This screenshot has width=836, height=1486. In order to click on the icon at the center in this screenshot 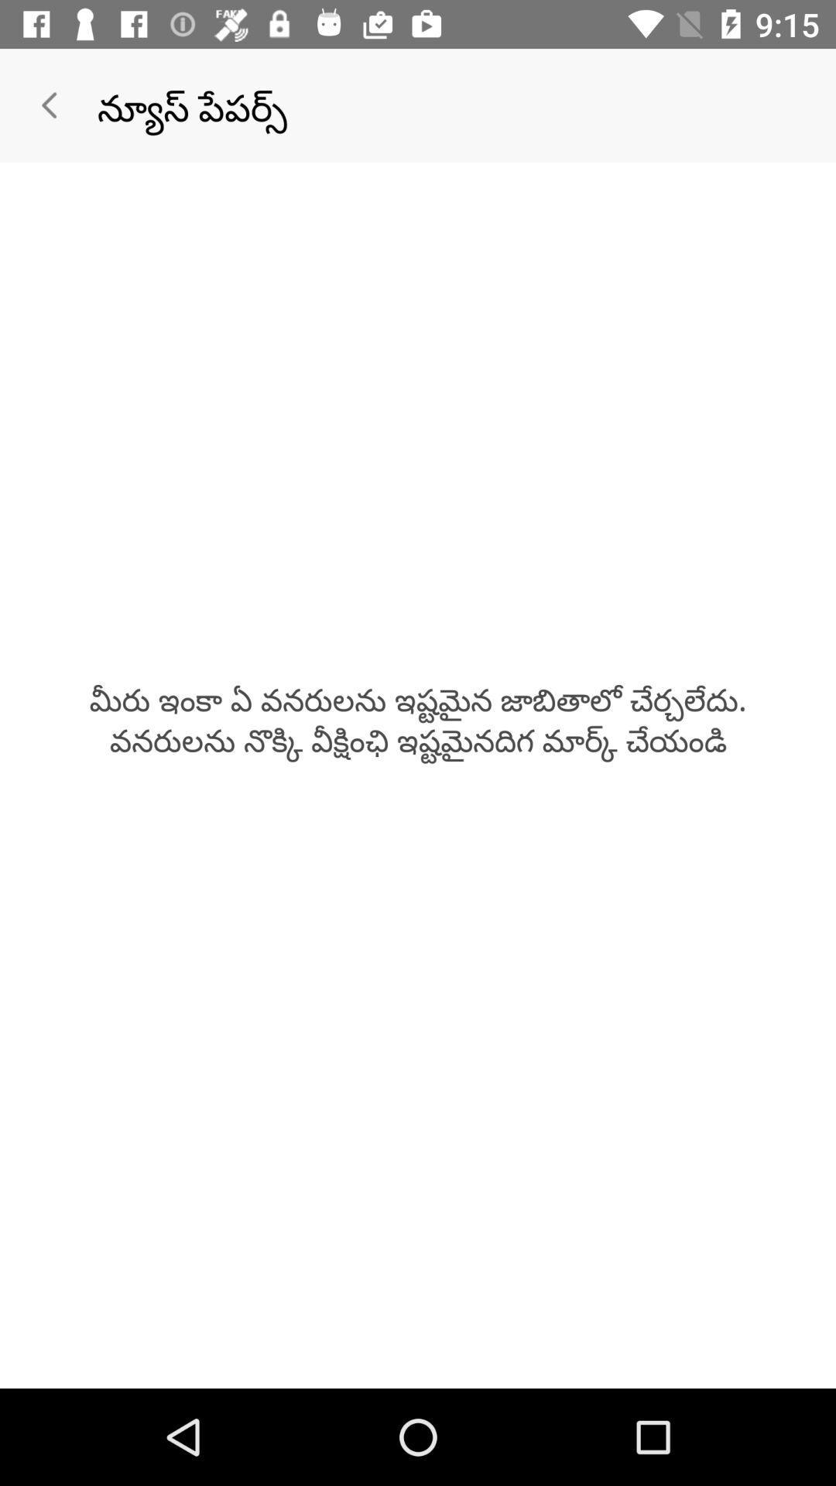, I will do `click(418, 717)`.